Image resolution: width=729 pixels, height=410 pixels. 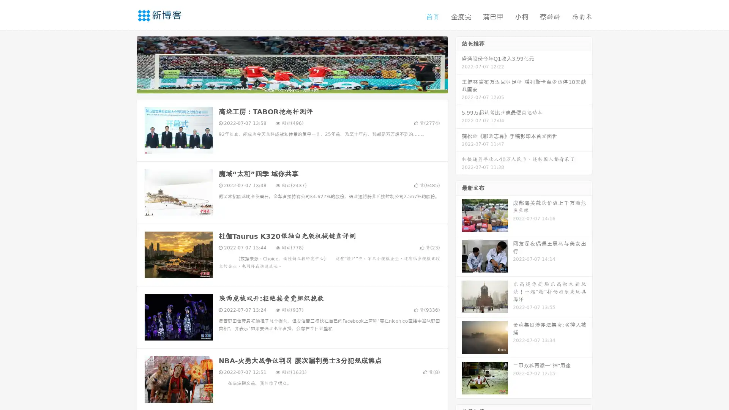 I want to click on Previous slide, so click(x=125, y=64).